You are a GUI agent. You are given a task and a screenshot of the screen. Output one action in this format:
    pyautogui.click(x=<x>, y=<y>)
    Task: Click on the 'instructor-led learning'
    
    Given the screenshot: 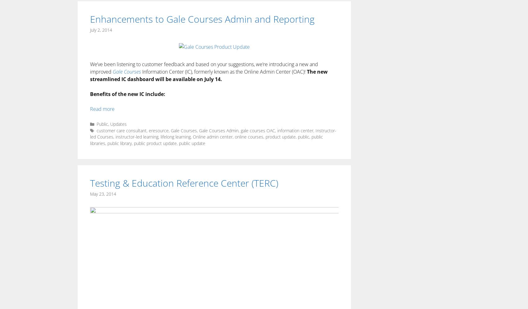 What is the action you would take?
    pyautogui.click(x=137, y=136)
    